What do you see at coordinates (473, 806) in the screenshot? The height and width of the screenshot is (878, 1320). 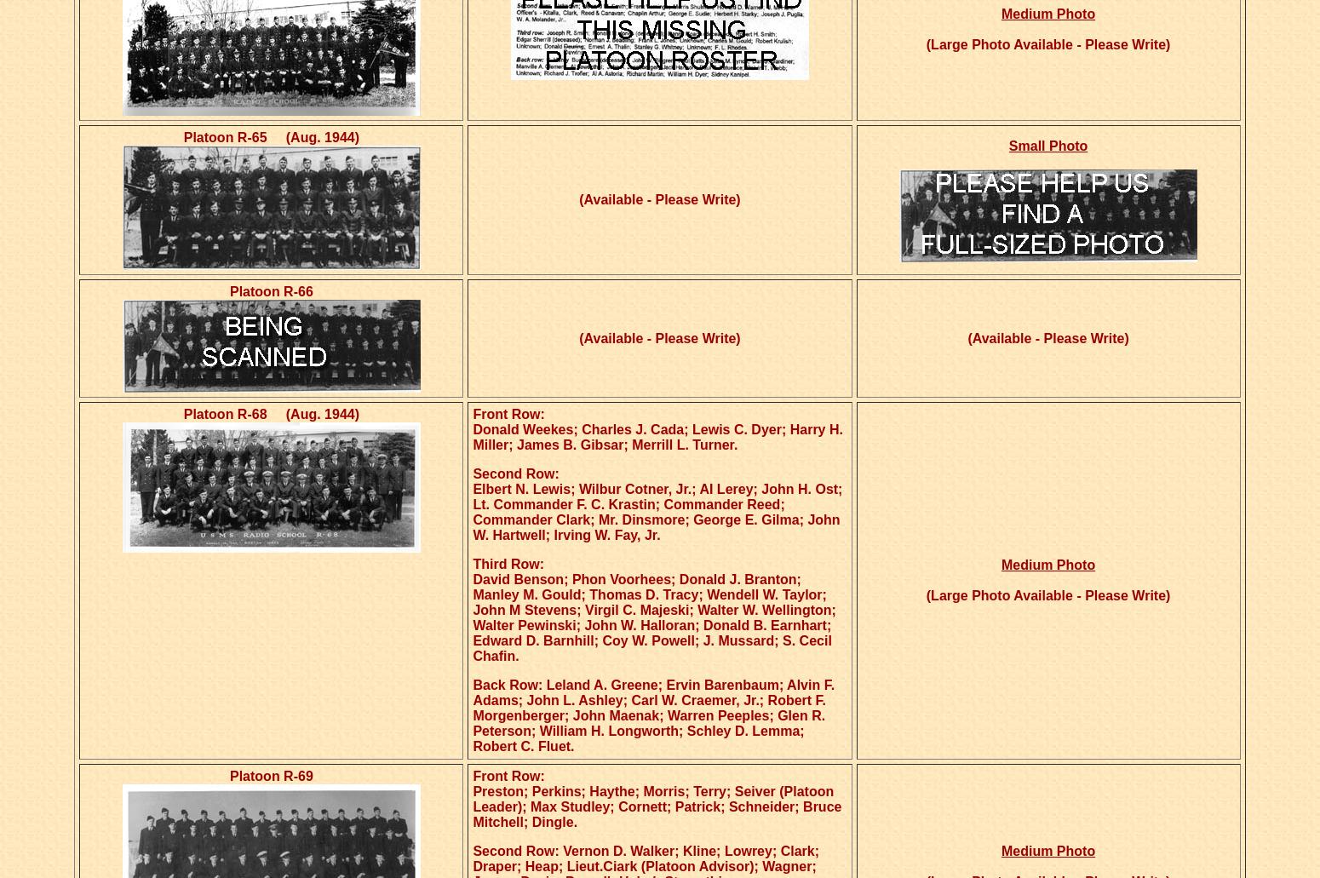 I see `'Preston; Perkins; Haythe; Morris; Terry; Seiver (Platoon Leader); Max Studley; Cornett; Patrick; Schneider; Bruce Mitchell; Dingle.'` at bounding box center [473, 806].